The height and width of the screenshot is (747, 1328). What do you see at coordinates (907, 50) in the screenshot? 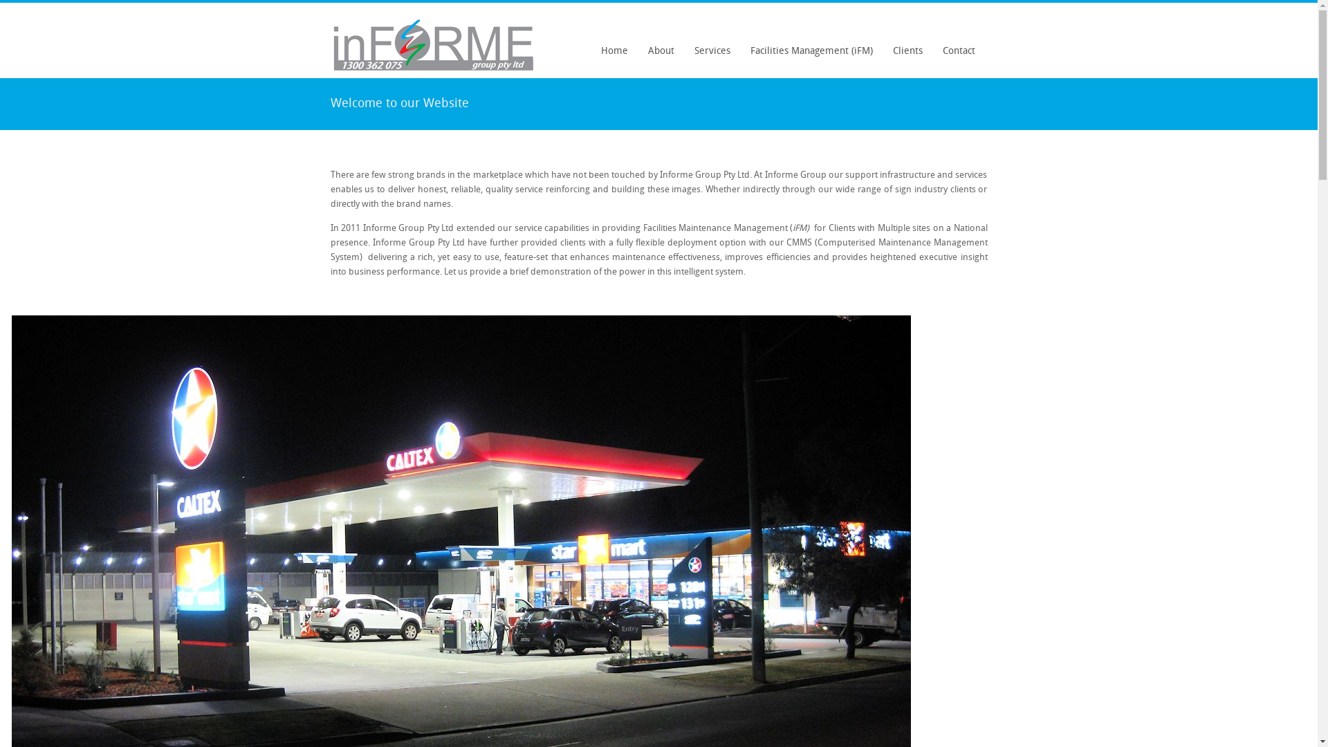
I see `'Clients'` at bounding box center [907, 50].